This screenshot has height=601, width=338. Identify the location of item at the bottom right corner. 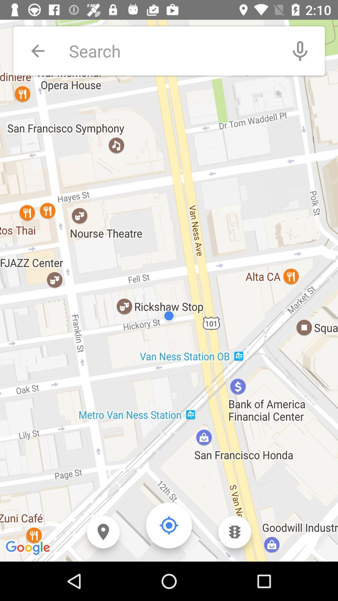
(234, 532).